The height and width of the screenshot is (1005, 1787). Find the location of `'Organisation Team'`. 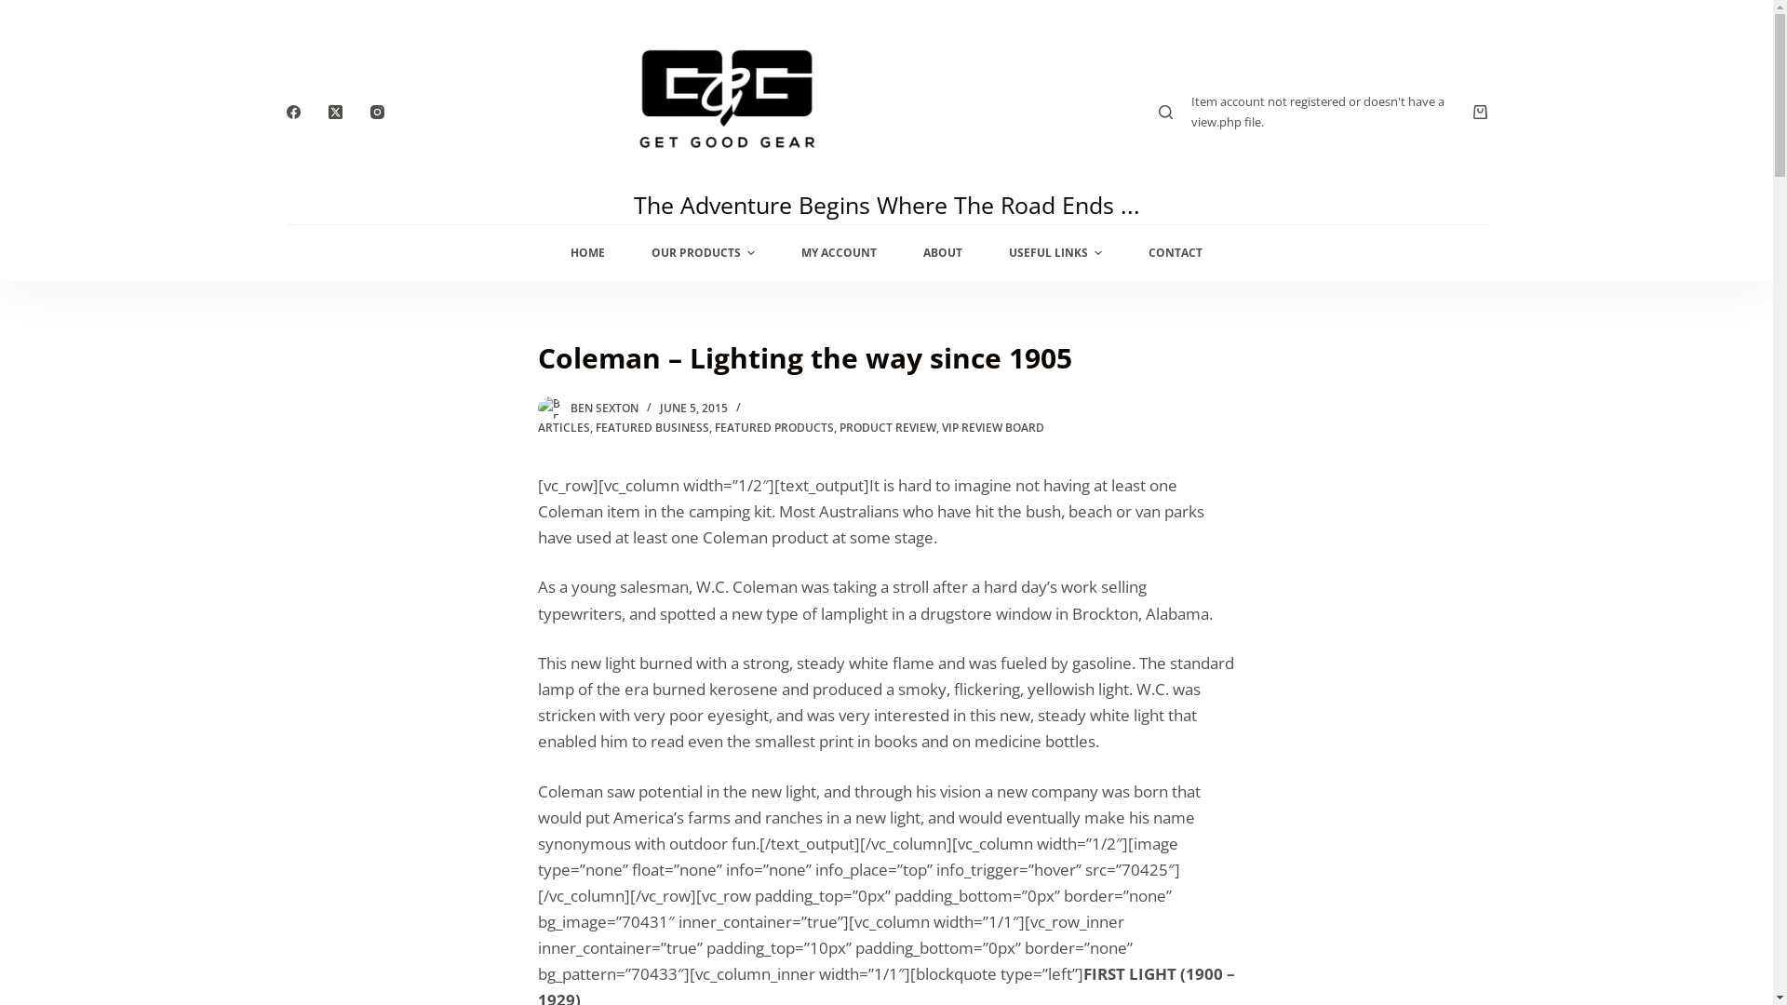

'Organisation Team' is located at coordinates (598, 683).